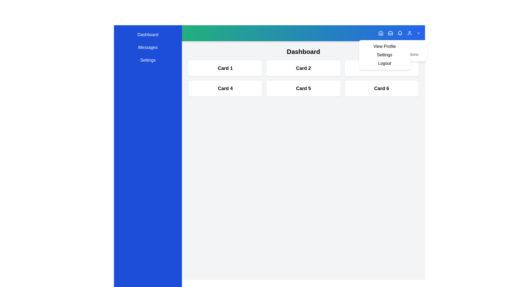 The width and height of the screenshot is (510, 287). What do you see at coordinates (385, 63) in the screenshot?
I see `the logout button in the dropdown menu` at bounding box center [385, 63].